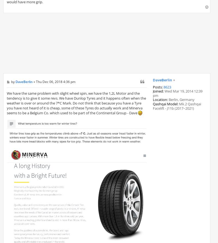  Describe the element at coordinates (55, 82) in the screenshot. I see `'Thu Dec 06, 2018 4:36 pm'` at that location.